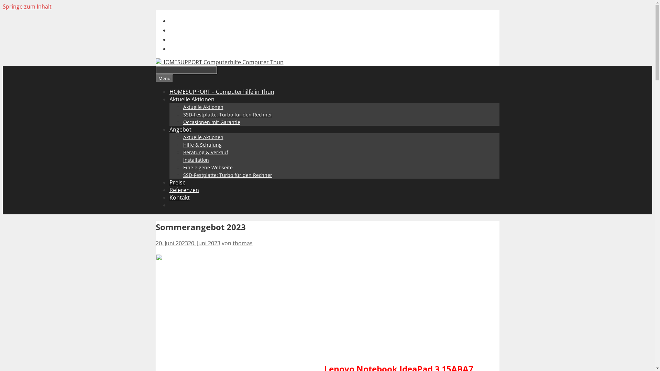 The height and width of the screenshot is (371, 660). What do you see at coordinates (179, 197) in the screenshot?
I see `'Kontakt'` at bounding box center [179, 197].